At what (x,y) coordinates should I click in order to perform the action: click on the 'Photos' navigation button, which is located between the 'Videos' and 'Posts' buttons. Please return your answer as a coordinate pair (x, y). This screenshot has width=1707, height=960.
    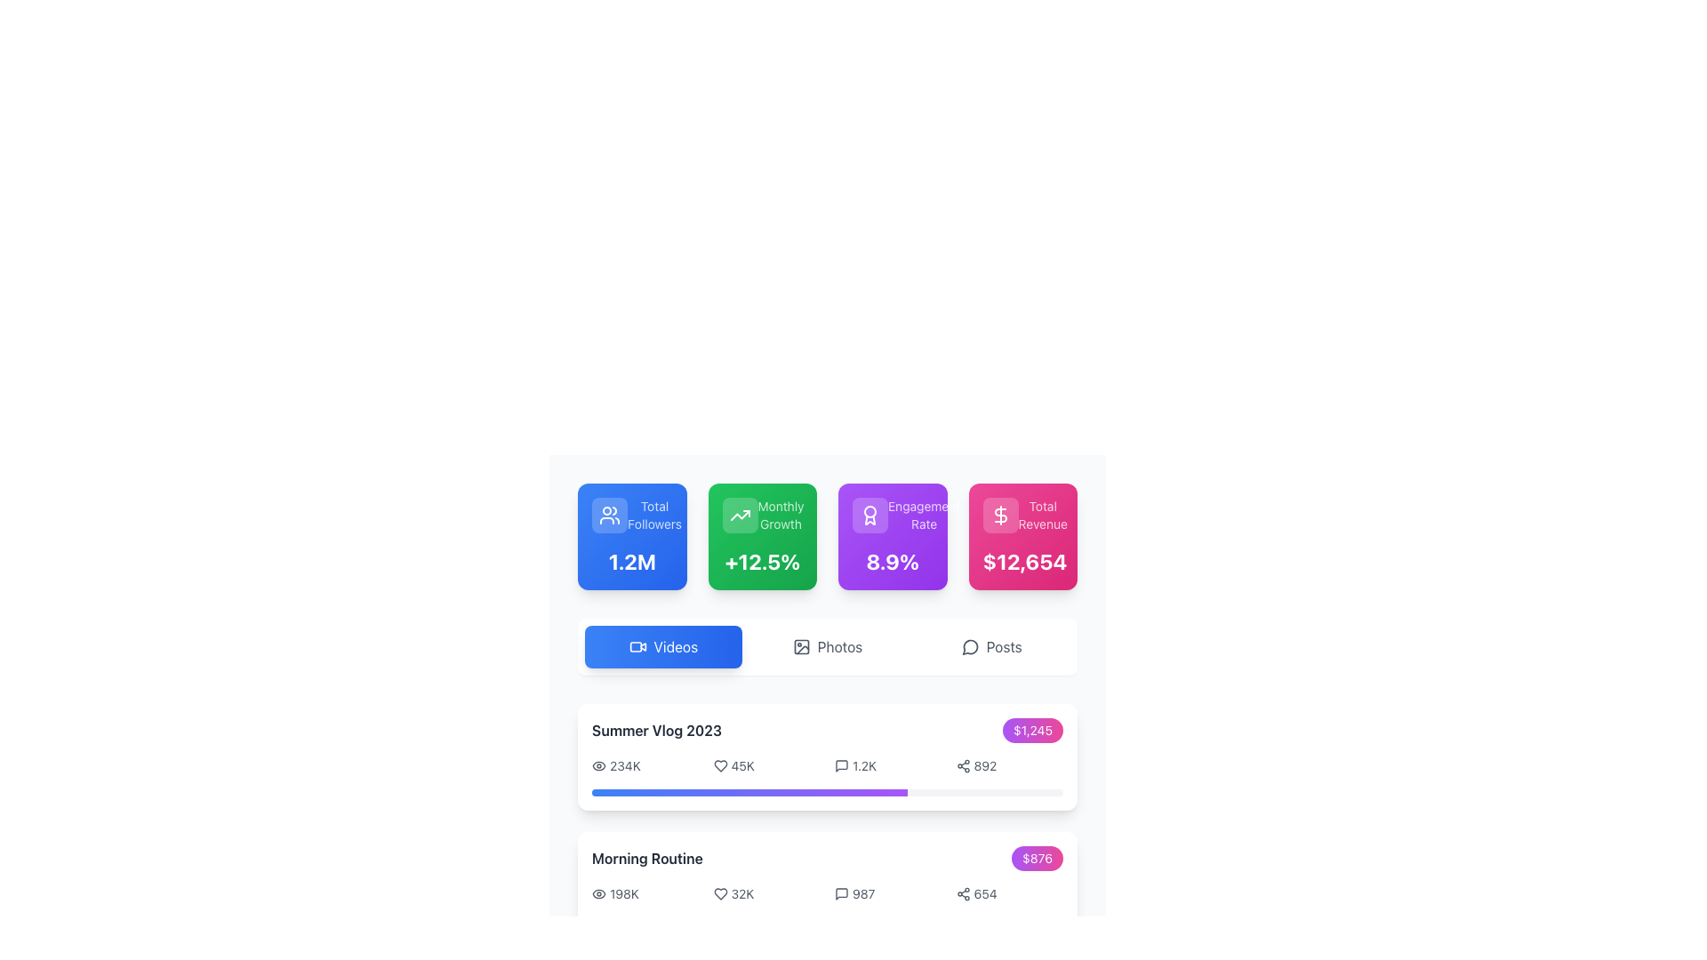
    Looking at the image, I should click on (827, 647).